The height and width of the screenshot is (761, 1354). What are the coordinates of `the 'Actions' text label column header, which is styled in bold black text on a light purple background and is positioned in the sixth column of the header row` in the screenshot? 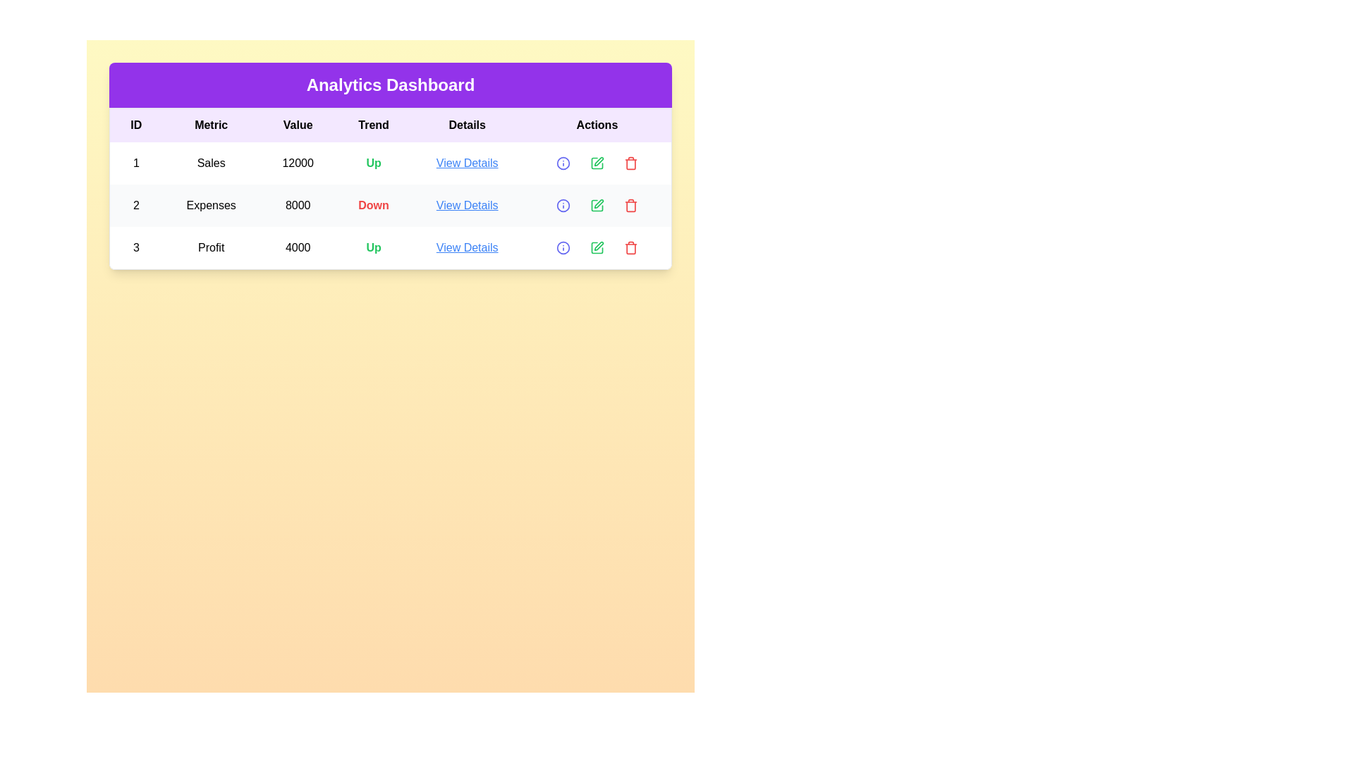 It's located at (597, 124).